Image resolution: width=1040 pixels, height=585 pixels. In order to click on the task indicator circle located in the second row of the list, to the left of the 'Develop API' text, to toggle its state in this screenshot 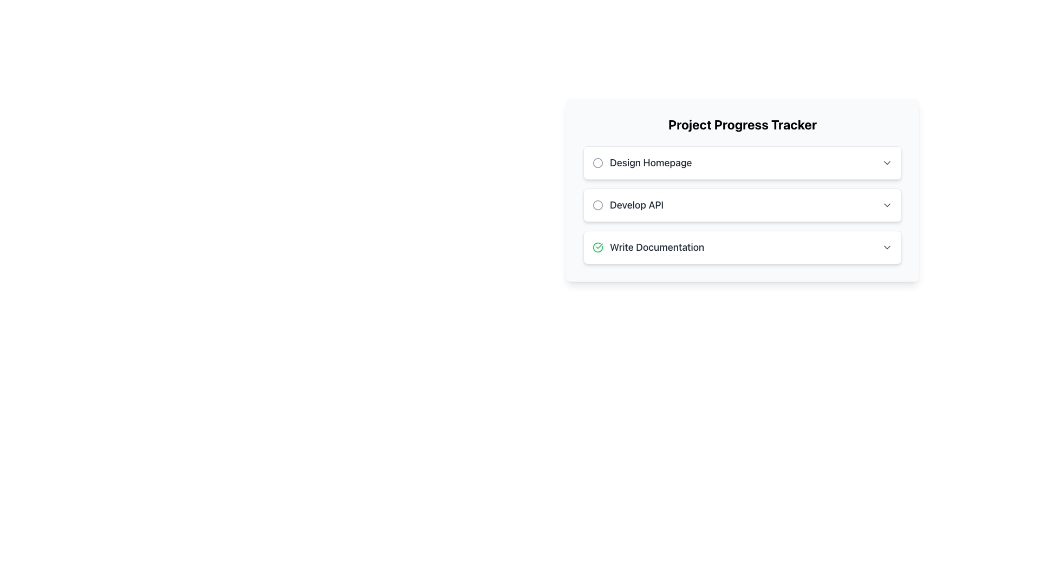, I will do `click(597, 205)`.